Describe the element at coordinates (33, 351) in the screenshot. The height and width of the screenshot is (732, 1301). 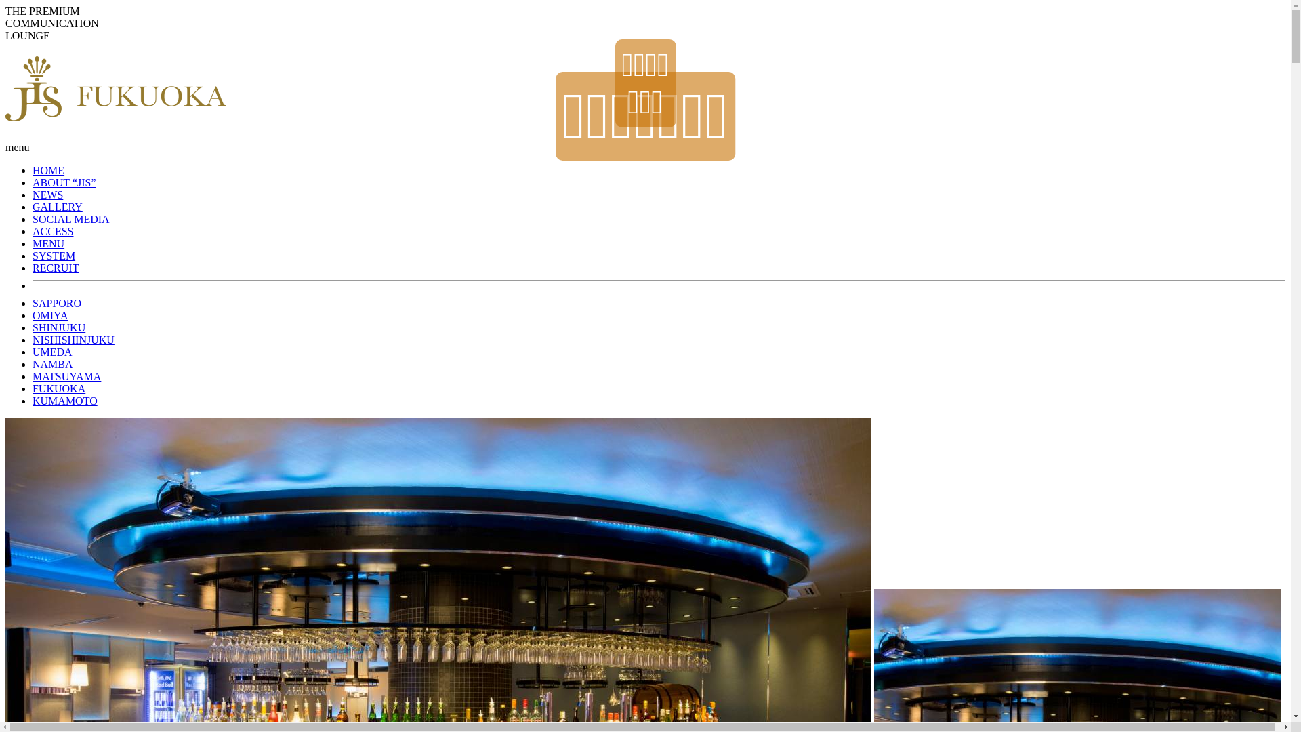
I see `'UMEDA'` at that location.